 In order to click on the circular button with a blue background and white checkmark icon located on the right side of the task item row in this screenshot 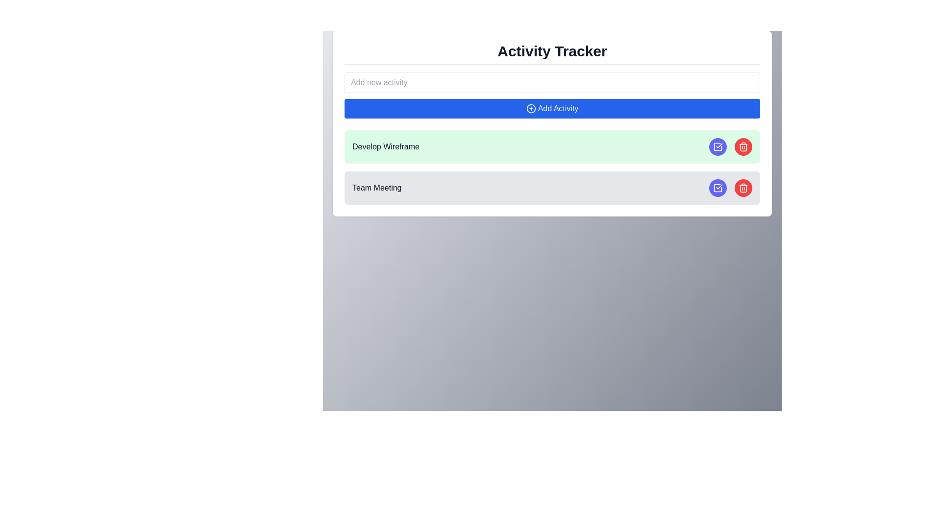, I will do `click(718, 147)`.